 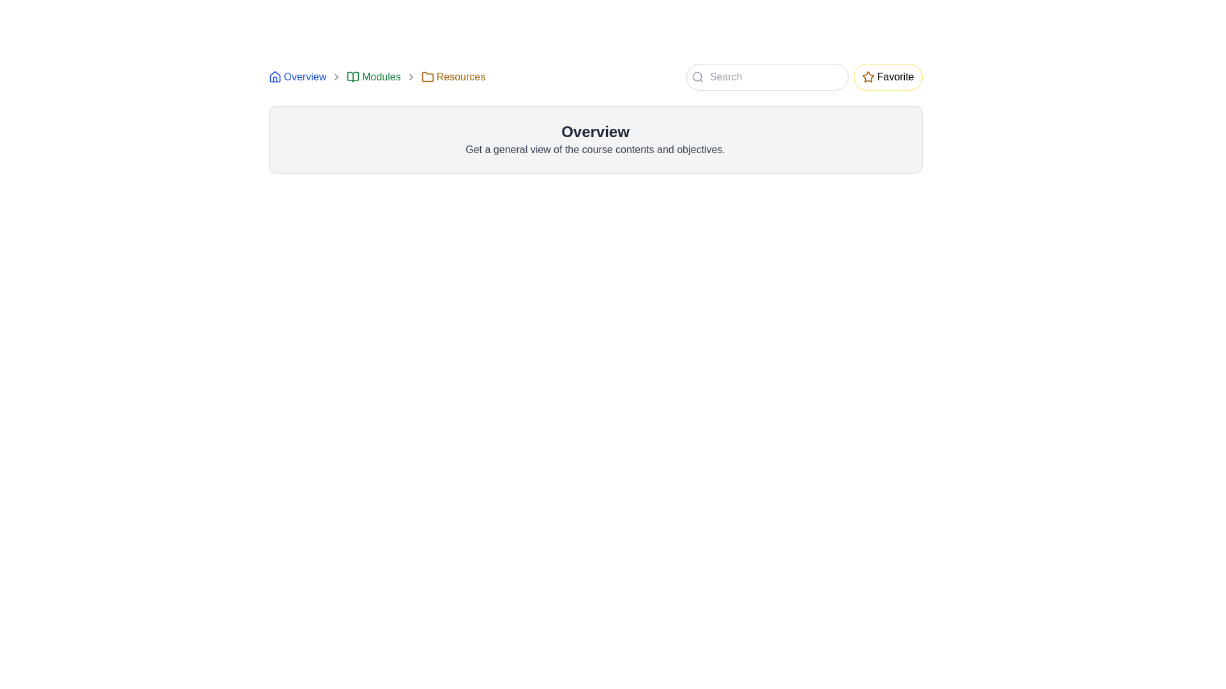 What do you see at coordinates (353, 77) in the screenshot?
I see `the left portion of the book icon in the breadcrumb navigation, which represents the 'Modules' section` at bounding box center [353, 77].